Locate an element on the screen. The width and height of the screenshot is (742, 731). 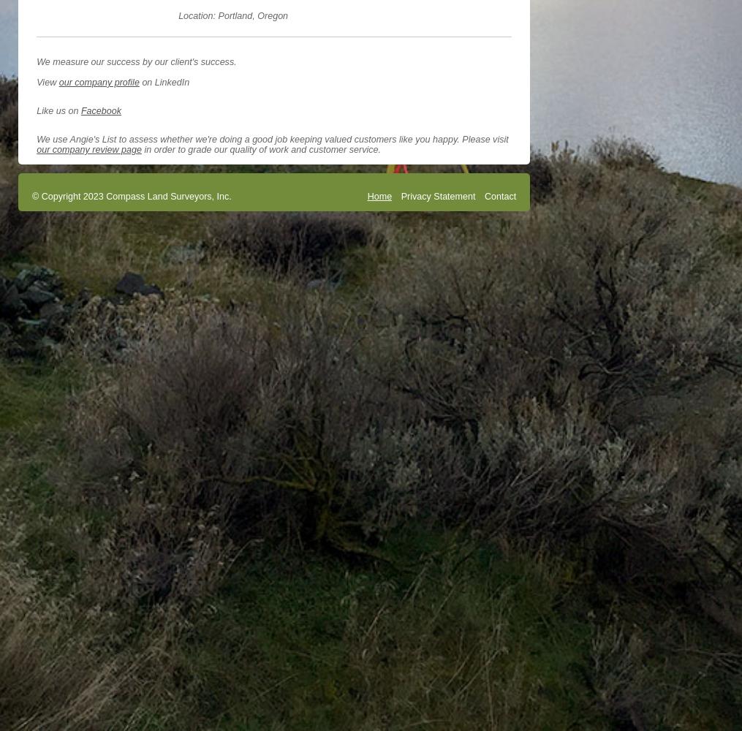
'our company review page' is located at coordinates (88, 149).